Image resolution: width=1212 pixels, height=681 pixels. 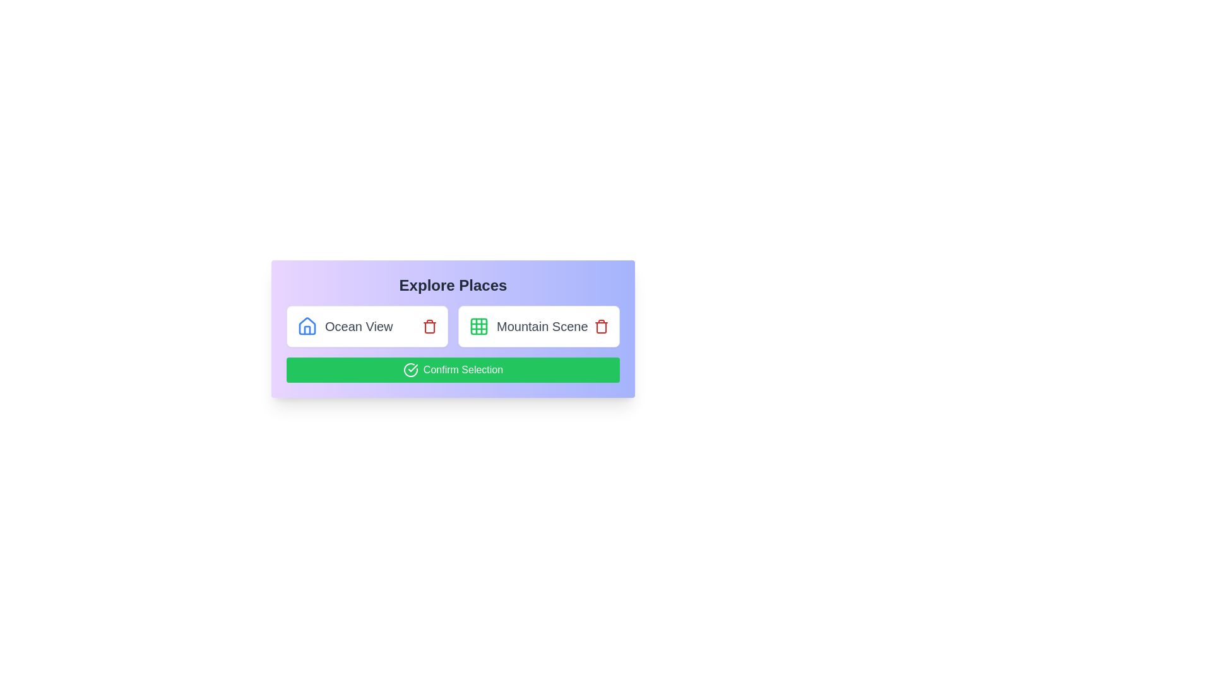 I want to click on the central decorative graphical element within the green grid icon that is adjacent to the 'Mountain Scene' label, so click(x=478, y=325).